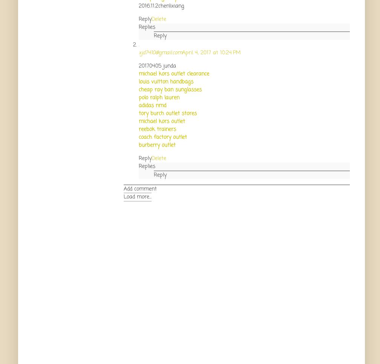  Describe the element at coordinates (174, 74) in the screenshot. I see `'michael kors outlet clearance'` at that location.